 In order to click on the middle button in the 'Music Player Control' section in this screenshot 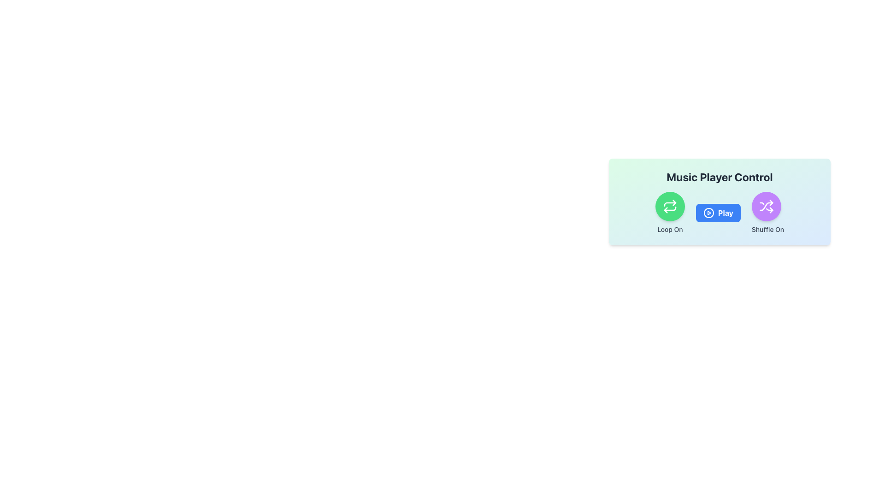, I will do `click(719, 213)`.